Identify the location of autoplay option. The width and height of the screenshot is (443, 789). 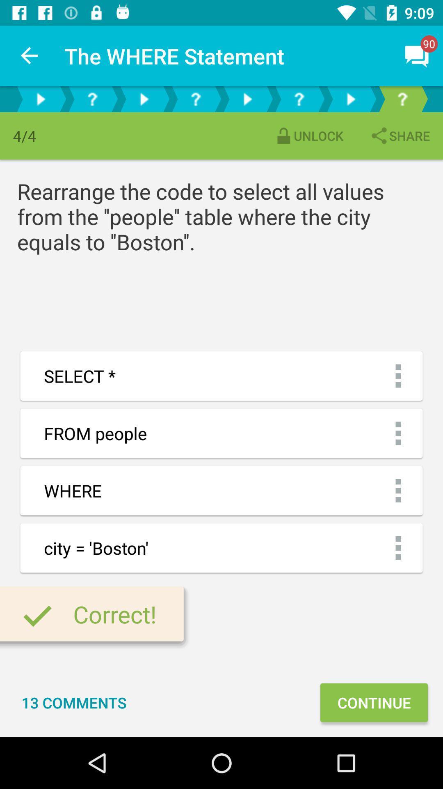
(41, 99).